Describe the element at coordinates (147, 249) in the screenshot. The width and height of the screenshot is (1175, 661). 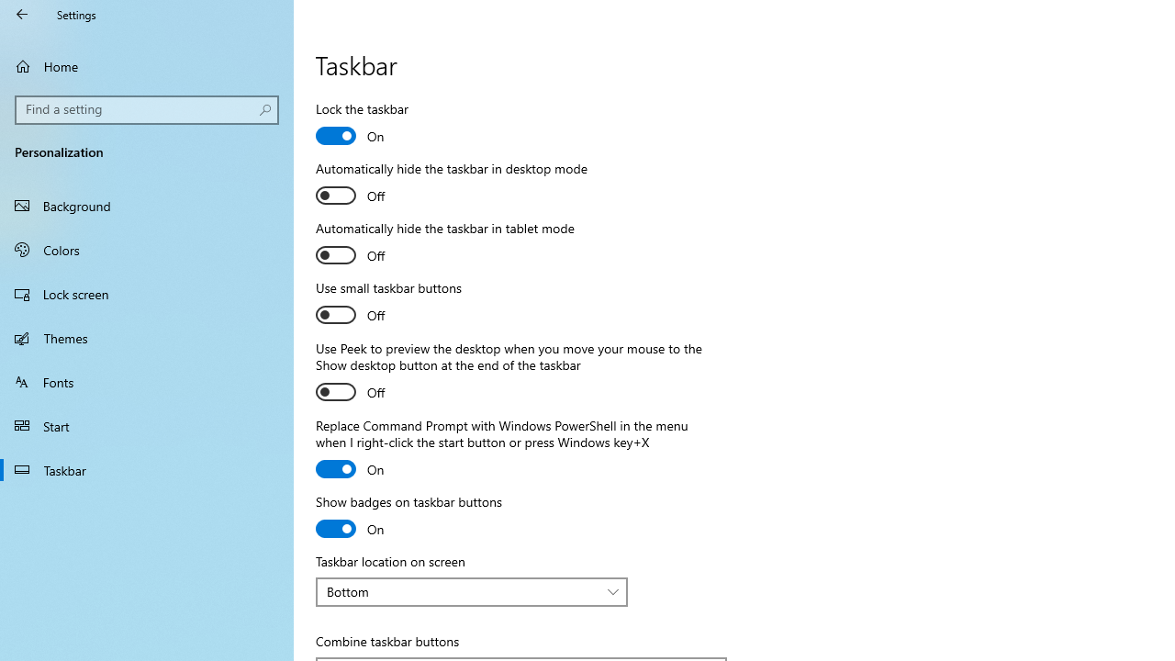
I see `'Colors'` at that location.